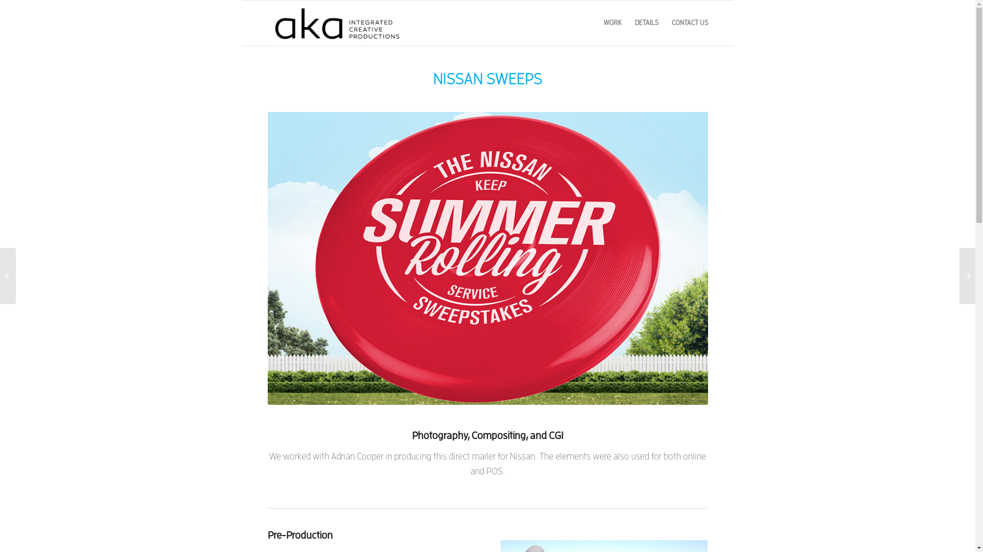 This screenshot has width=983, height=552. What do you see at coordinates (686, 23) in the screenshot?
I see `'CONTACT US'` at bounding box center [686, 23].